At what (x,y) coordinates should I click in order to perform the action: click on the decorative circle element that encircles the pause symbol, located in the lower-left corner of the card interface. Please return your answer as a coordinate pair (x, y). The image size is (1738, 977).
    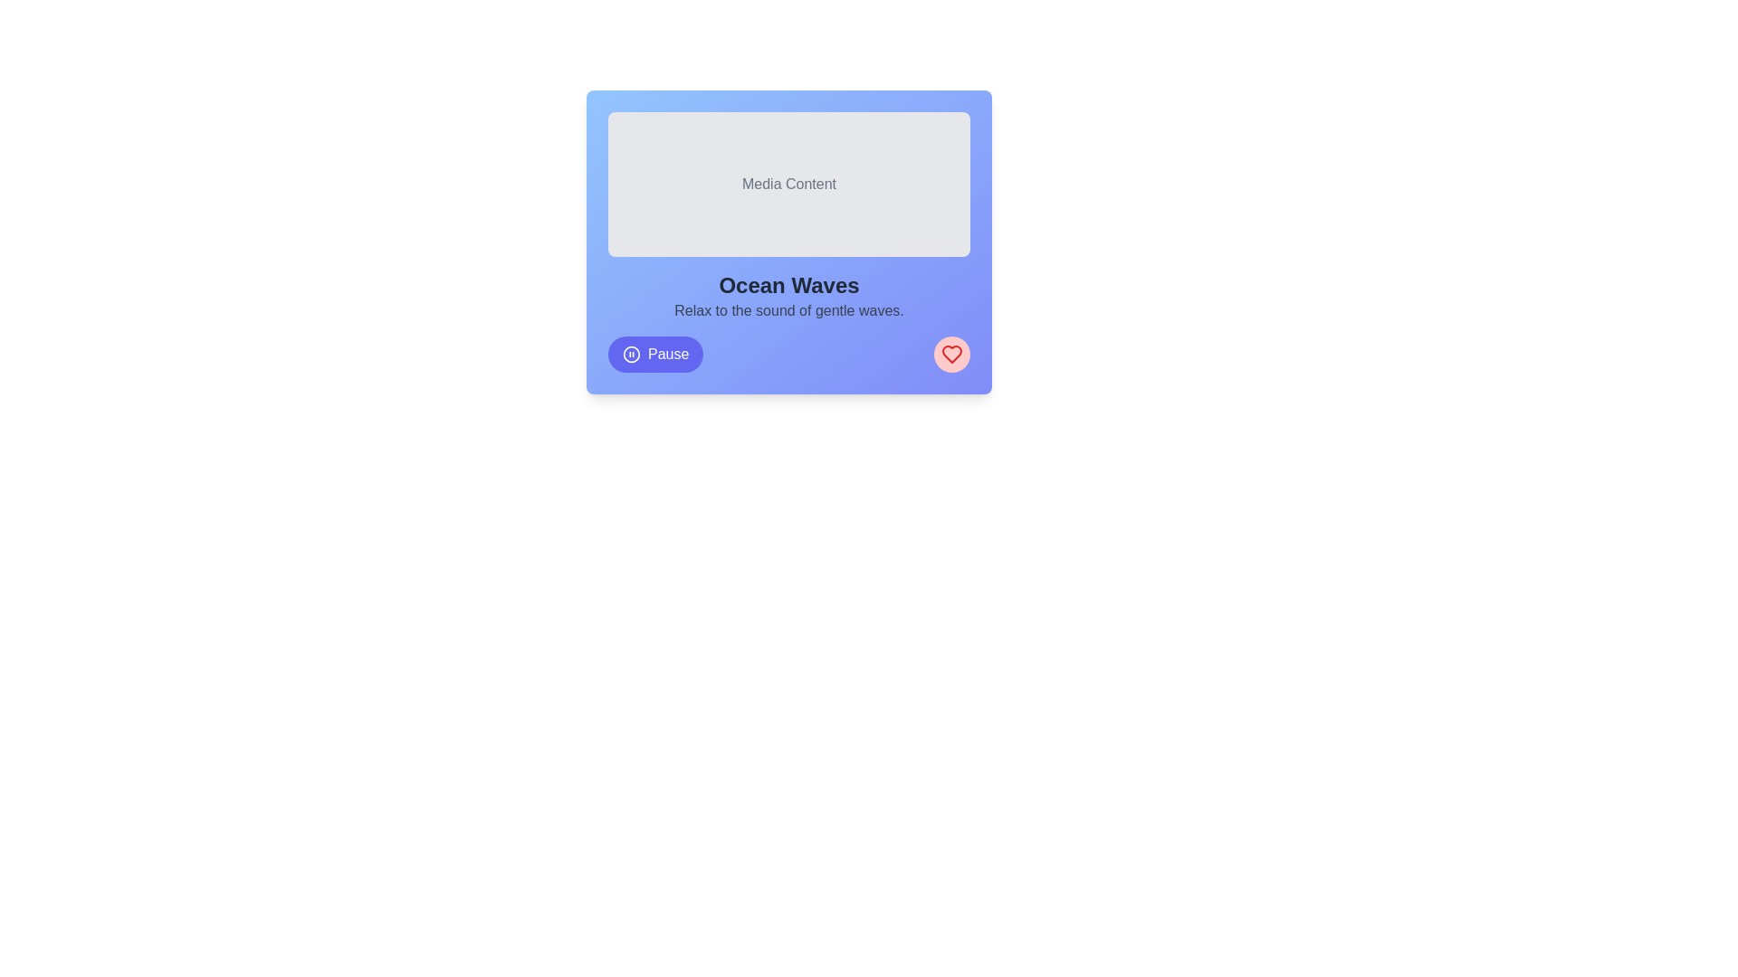
    Looking at the image, I should click on (631, 355).